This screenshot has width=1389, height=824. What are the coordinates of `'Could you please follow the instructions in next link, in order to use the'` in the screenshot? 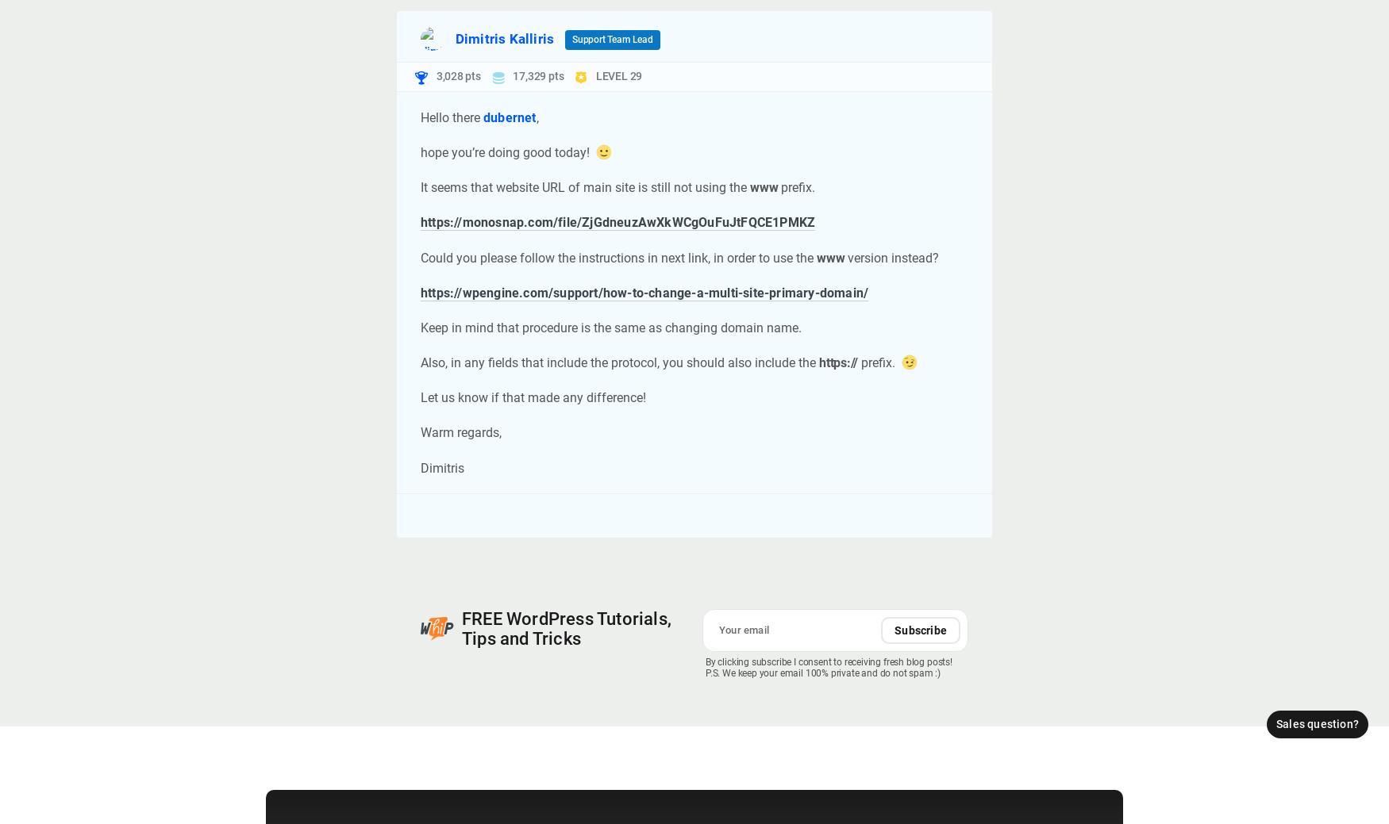 It's located at (618, 257).